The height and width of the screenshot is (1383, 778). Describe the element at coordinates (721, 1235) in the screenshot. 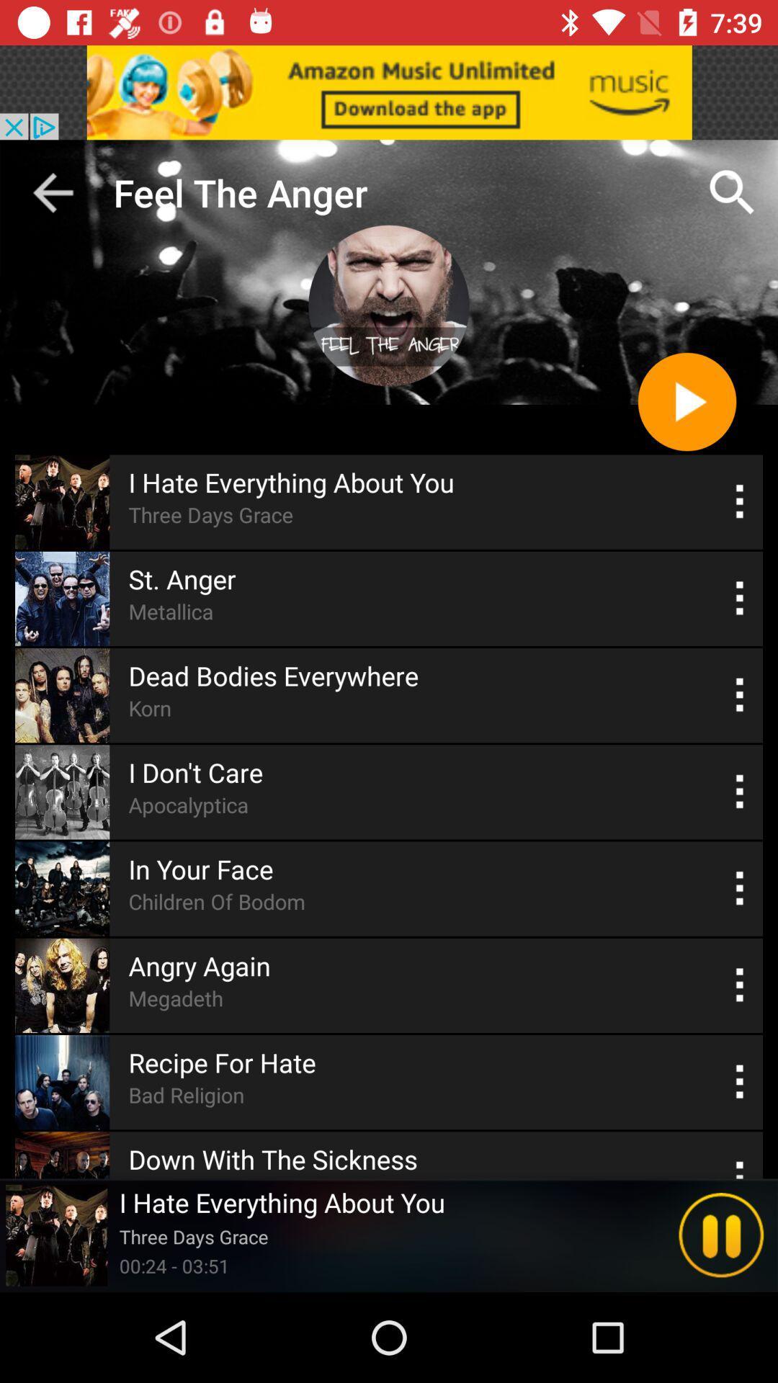

I see `the pause icon` at that location.